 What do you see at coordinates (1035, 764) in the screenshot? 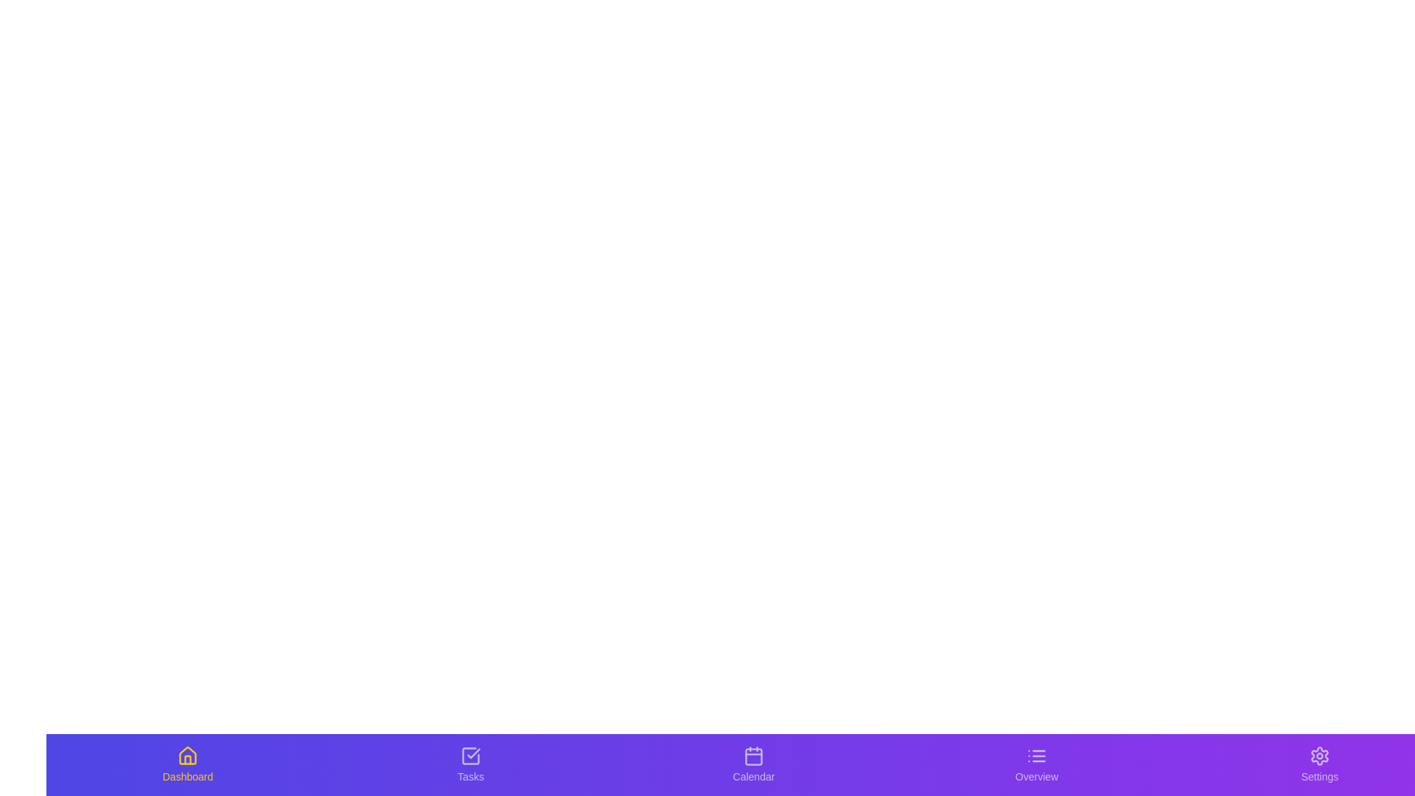
I see `the tab labeled Overview` at bounding box center [1035, 764].